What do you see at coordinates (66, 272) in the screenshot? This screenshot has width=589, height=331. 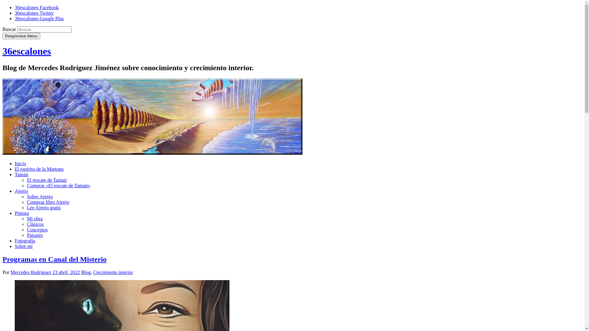 I see `'23 abril, 2022'` at bounding box center [66, 272].